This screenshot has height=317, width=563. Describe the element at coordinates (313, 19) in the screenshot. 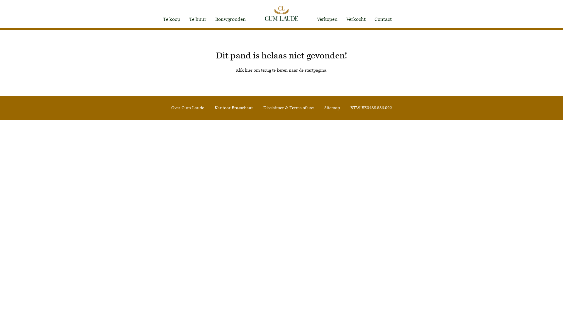

I see `'Verkopen'` at that location.